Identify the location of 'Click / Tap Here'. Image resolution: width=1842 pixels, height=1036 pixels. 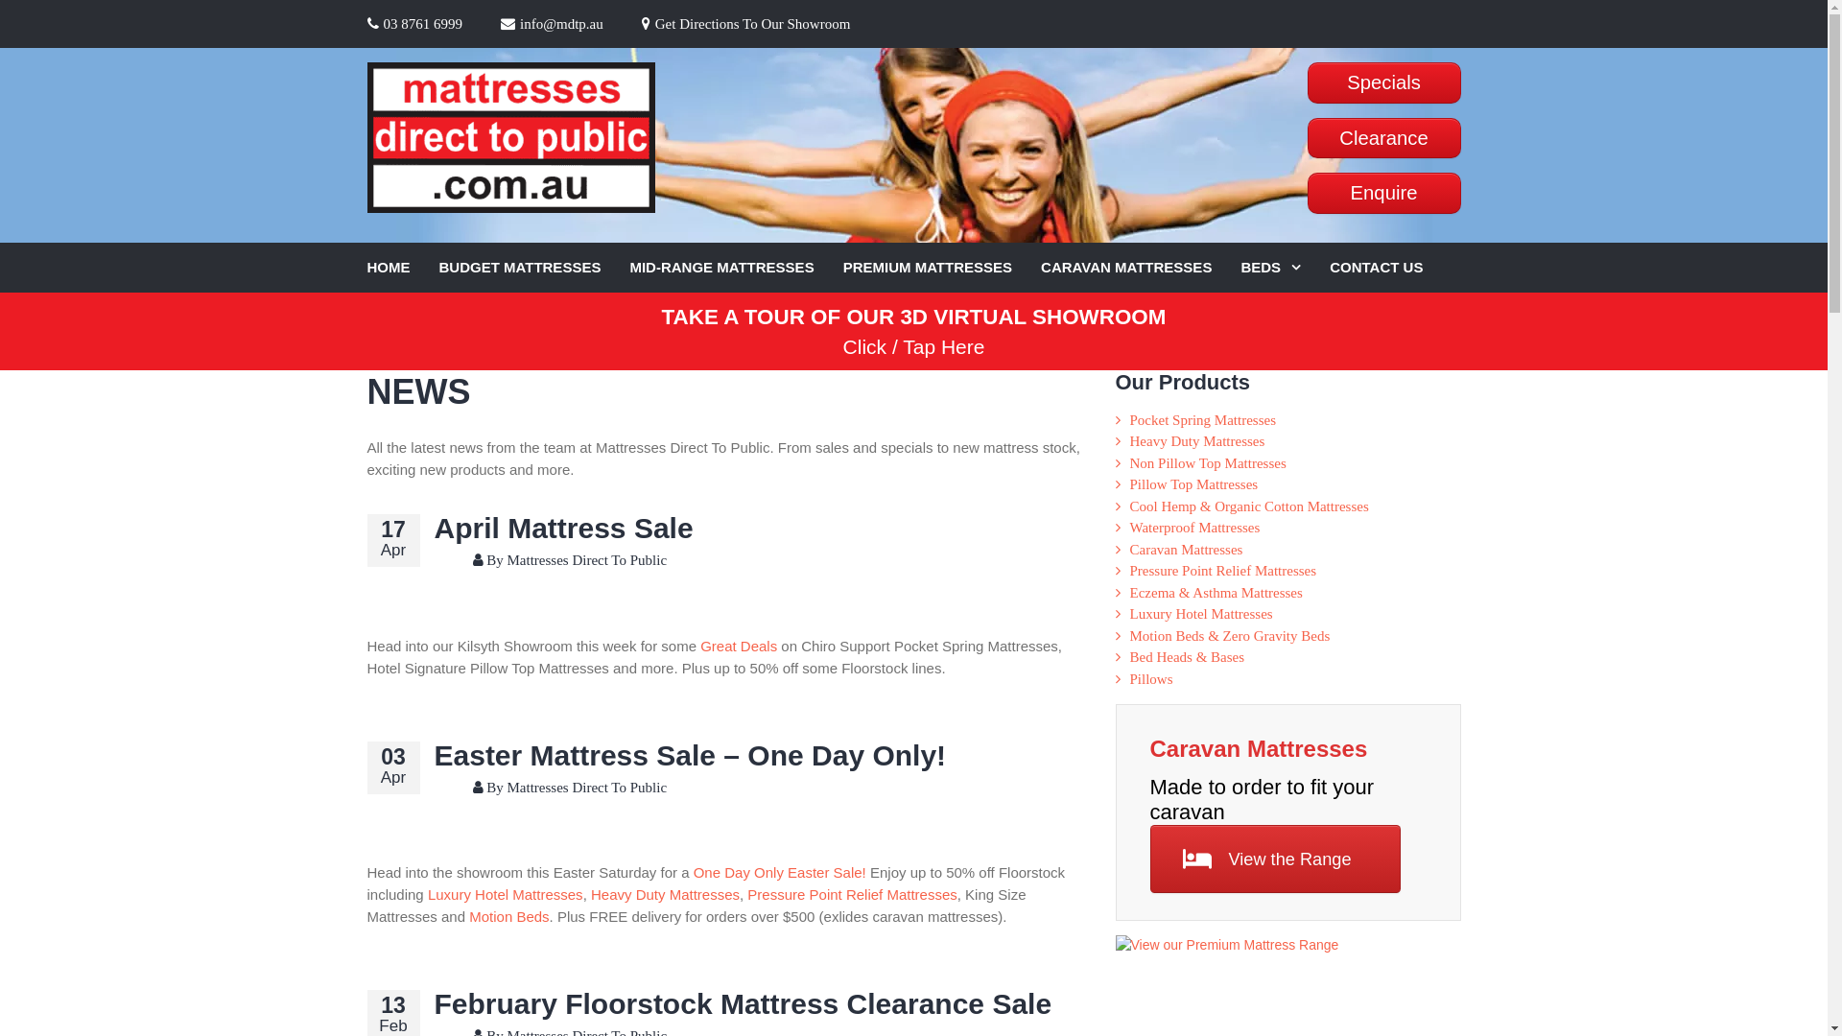
(913, 346).